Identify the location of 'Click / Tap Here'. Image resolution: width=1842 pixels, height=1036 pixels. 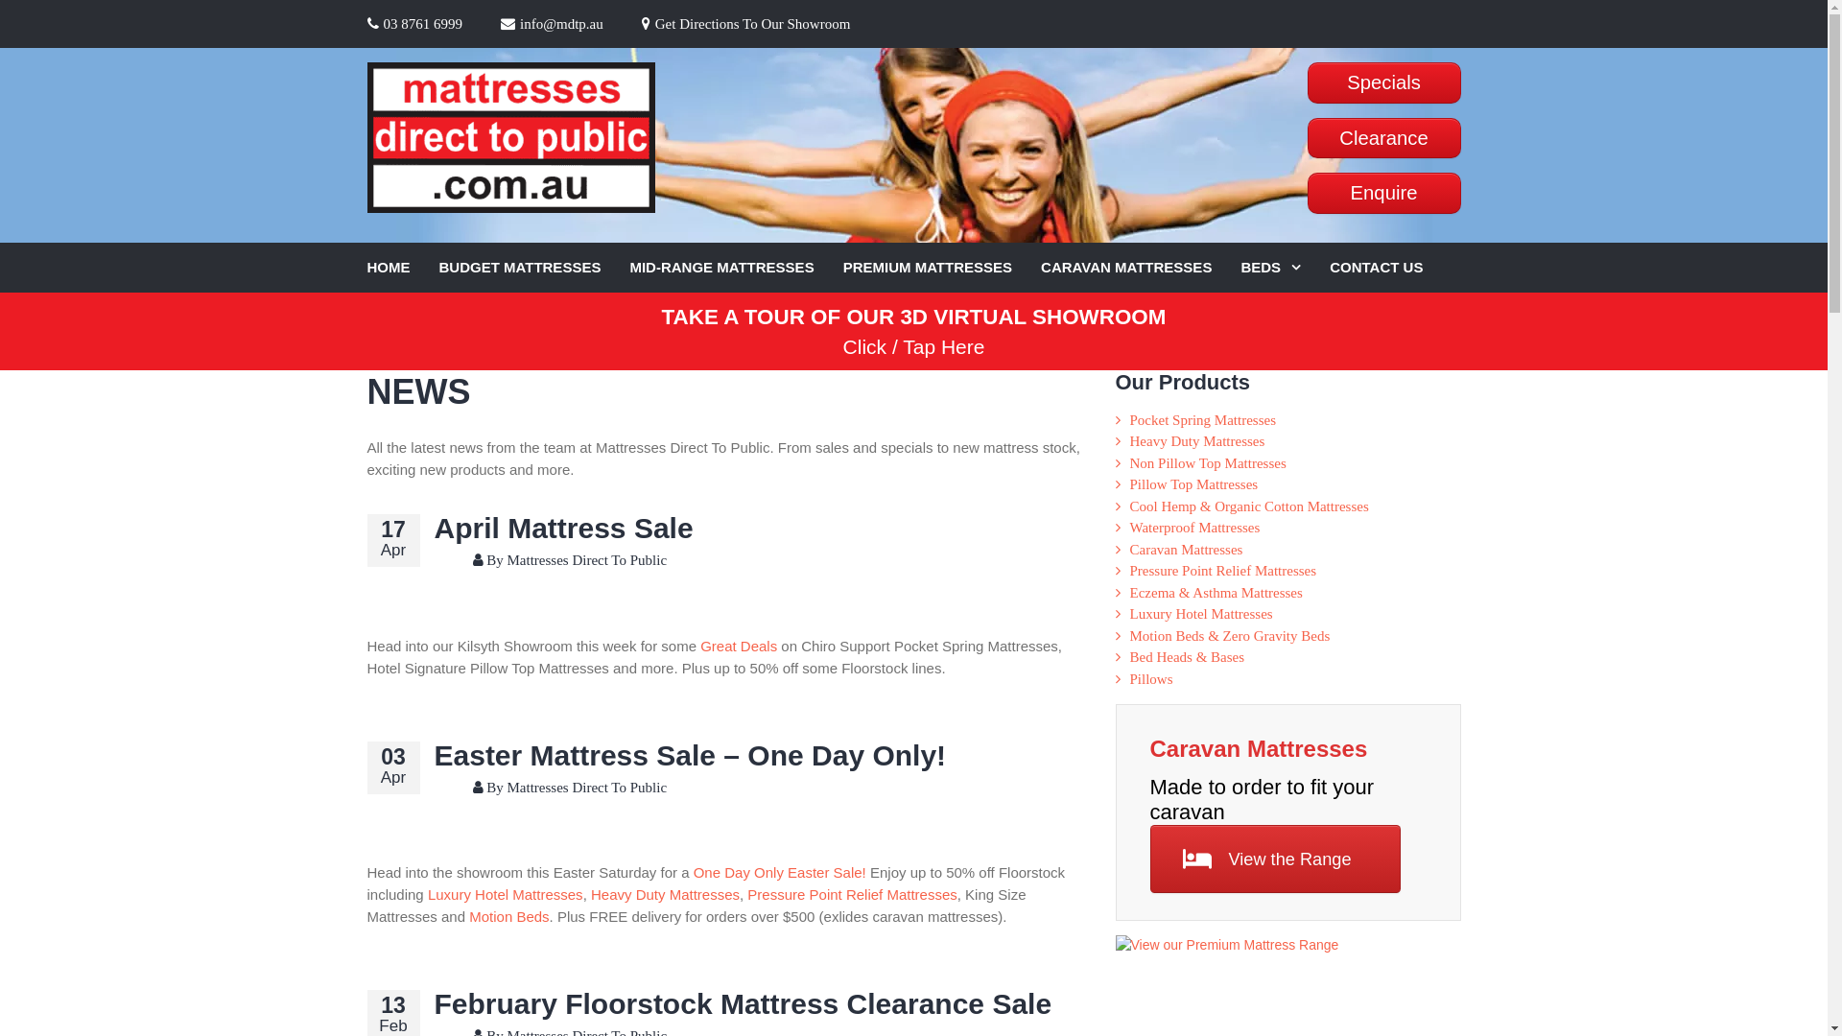
(913, 346).